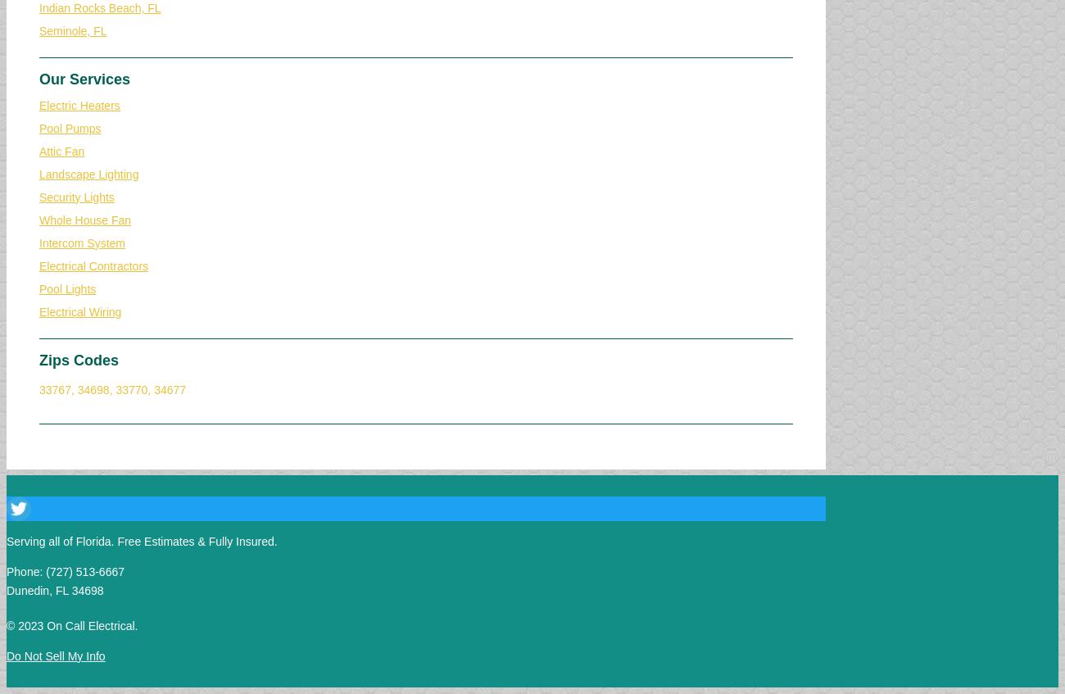 This screenshot has height=694, width=1065. I want to click on '© 2023 On Call Electrical.', so click(72, 624).